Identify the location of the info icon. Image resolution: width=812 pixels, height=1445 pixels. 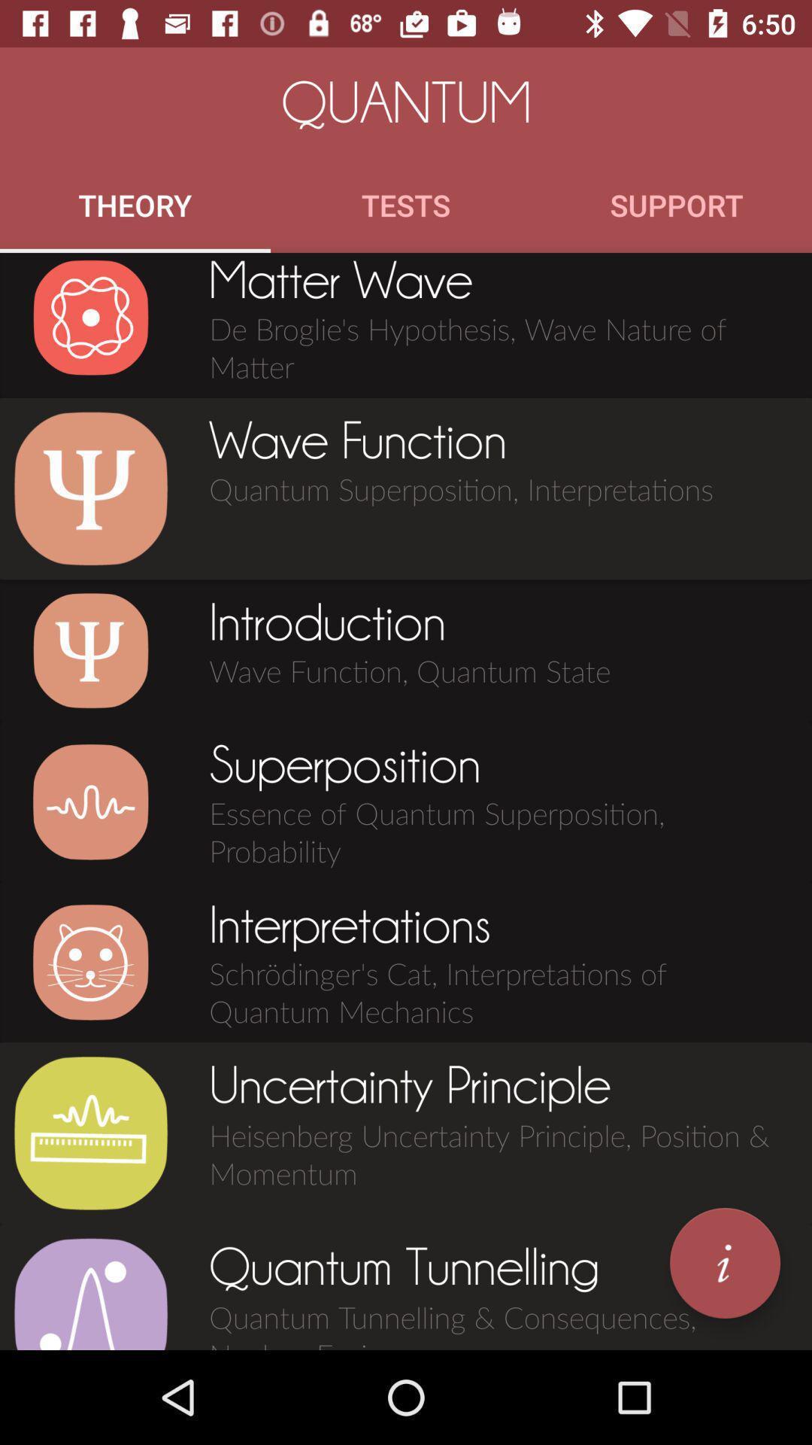
(724, 1263).